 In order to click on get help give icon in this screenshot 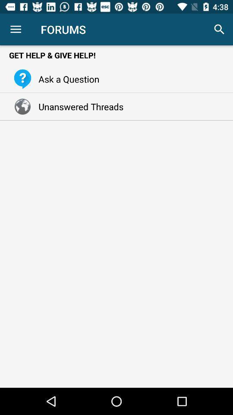, I will do `click(116, 54)`.